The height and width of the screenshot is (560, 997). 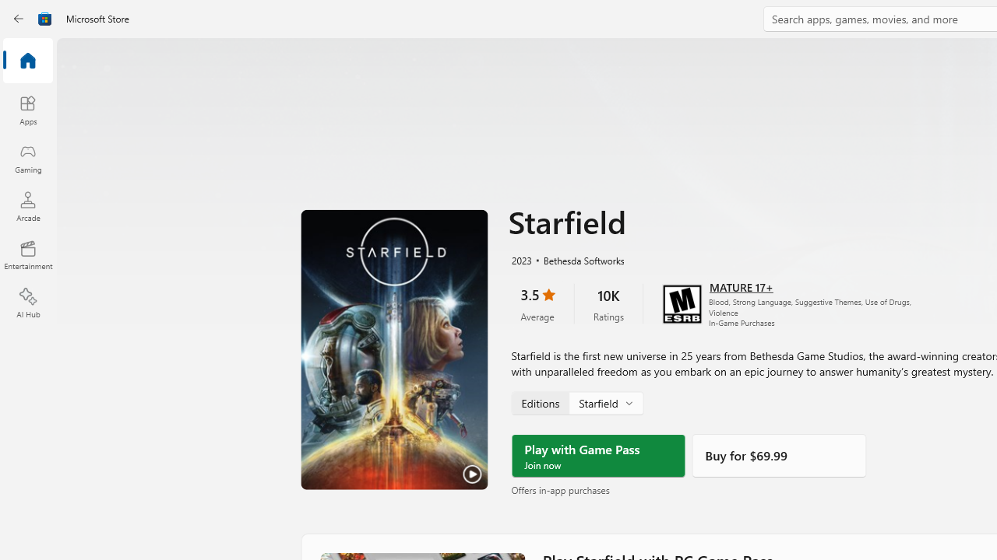 What do you see at coordinates (19, 19) in the screenshot?
I see `'Back'` at bounding box center [19, 19].